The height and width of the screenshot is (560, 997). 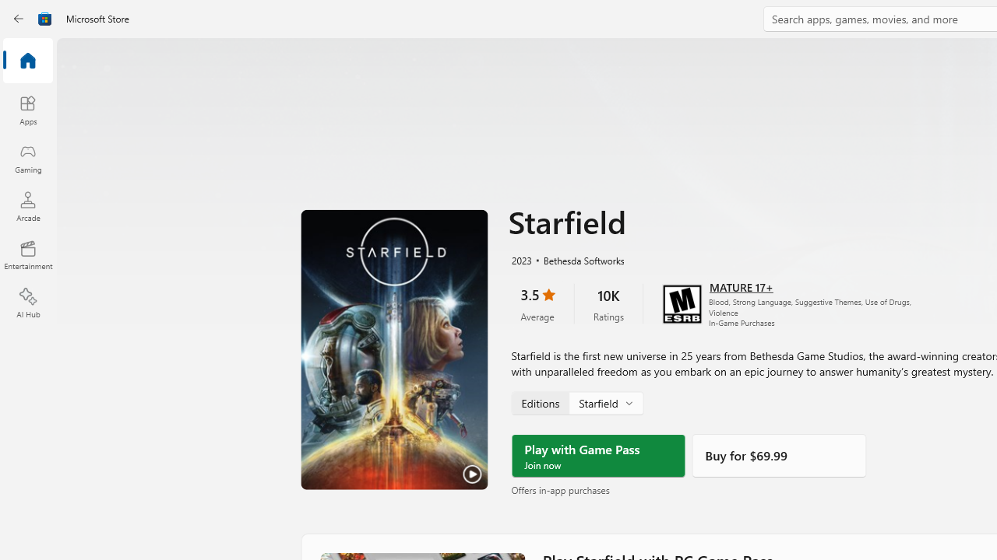 What do you see at coordinates (19, 19) in the screenshot?
I see `'Back'` at bounding box center [19, 19].